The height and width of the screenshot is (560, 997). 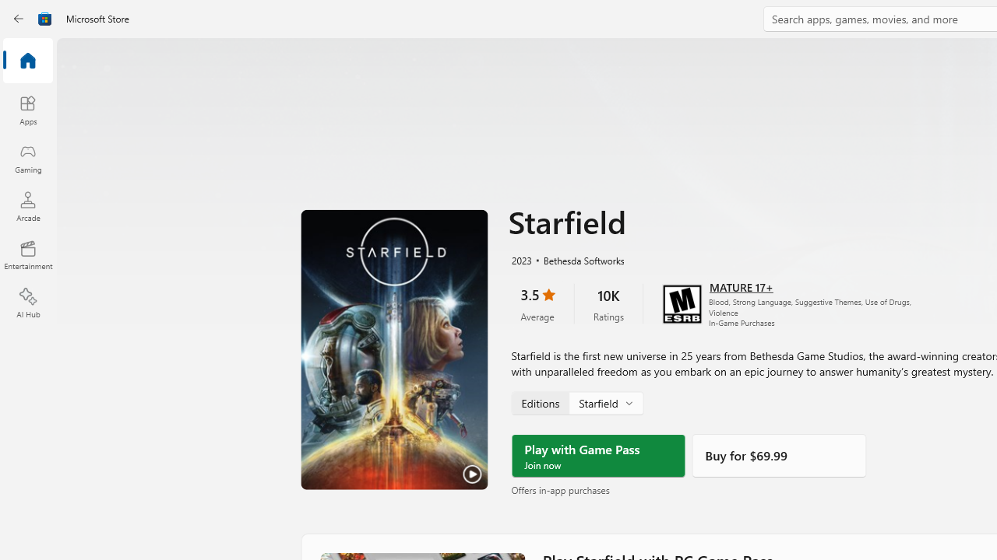 What do you see at coordinates (19, 19) in the screenshot?
I see `'Back'` at bounding box center [19, 19].